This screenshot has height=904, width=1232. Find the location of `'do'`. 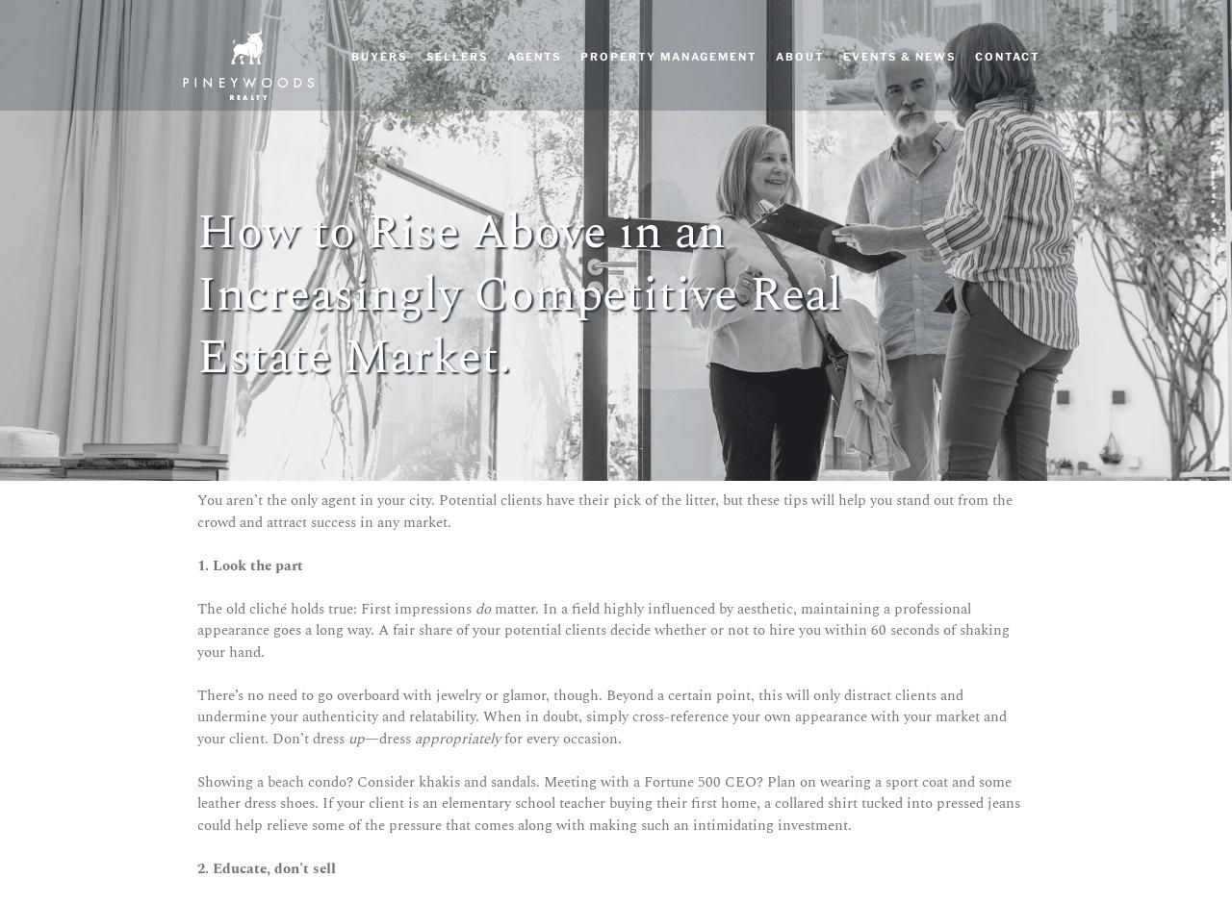

'do' is located at coordinates (484, 608).